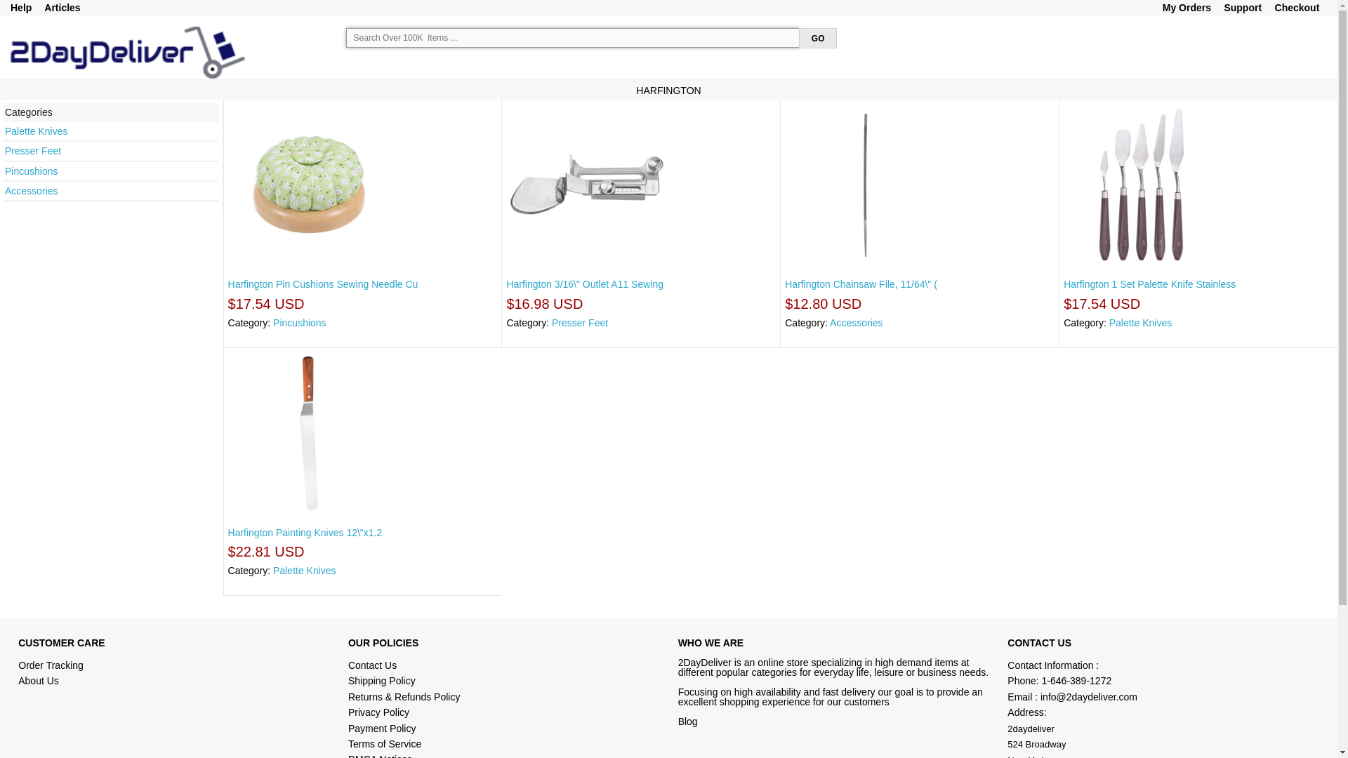  What do you see at coordinates (381, 727) in the screenshot?
I see `'Payment Policy'` at bounding box center [381, 727].